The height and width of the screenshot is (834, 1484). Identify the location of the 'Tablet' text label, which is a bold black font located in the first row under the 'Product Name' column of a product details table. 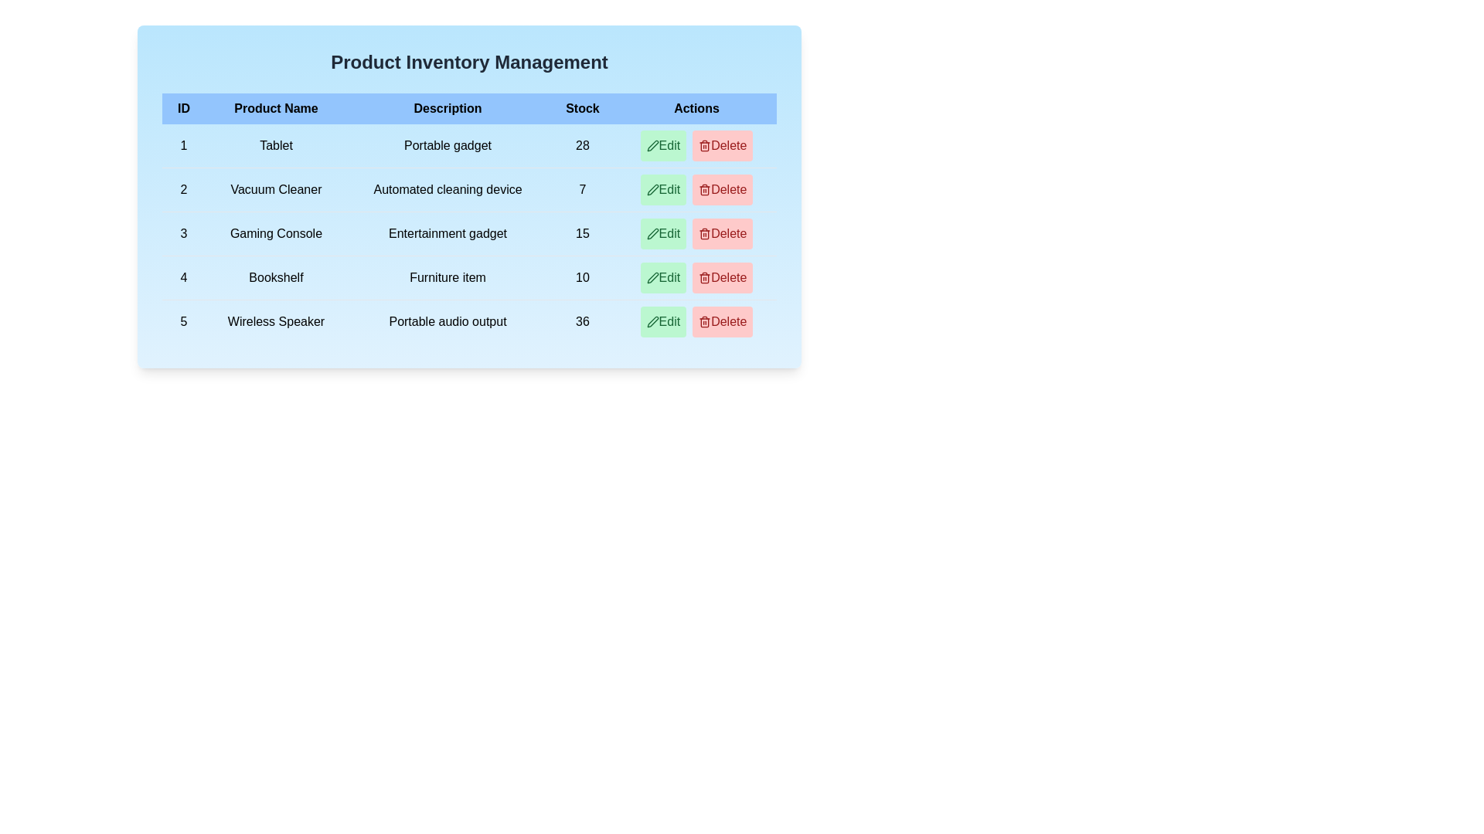
(276, 146).